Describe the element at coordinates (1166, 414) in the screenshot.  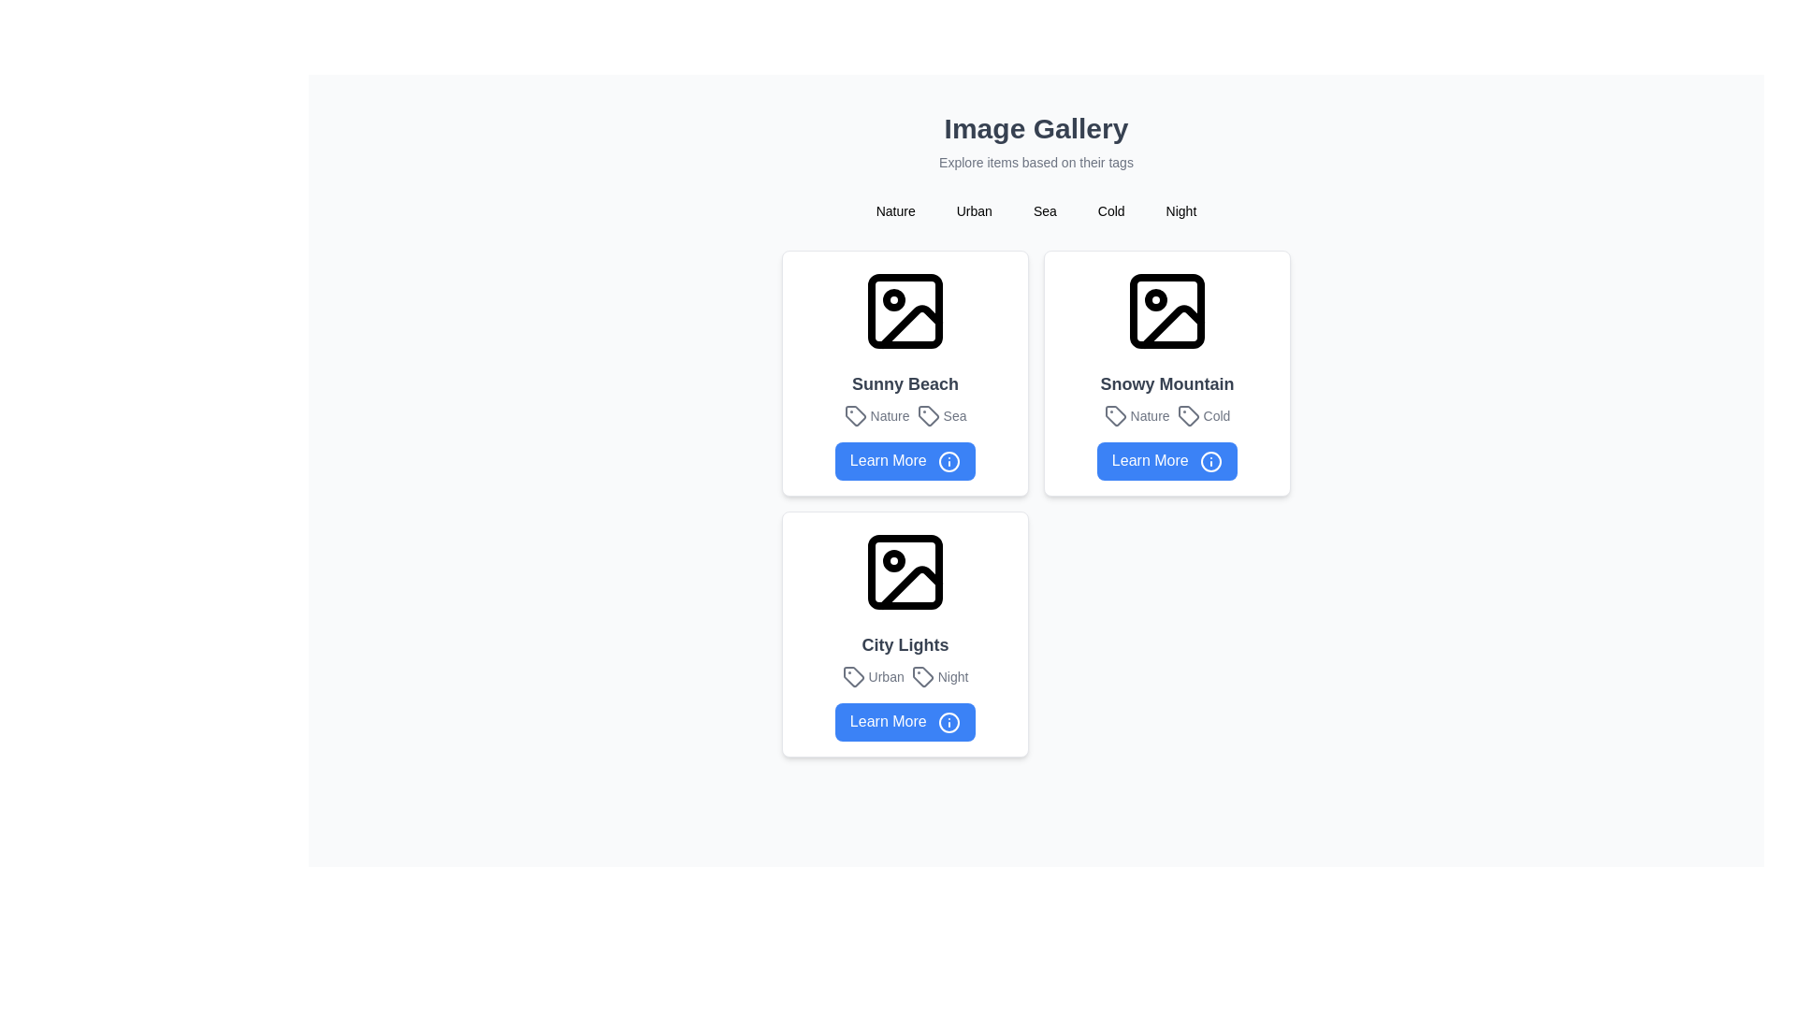
I see `the tag group element displaying the categories 'Nature' and 'Cold' associated with the 'Snowy Mountain' image, located below the title and above the 'Learn More' button` at that location.